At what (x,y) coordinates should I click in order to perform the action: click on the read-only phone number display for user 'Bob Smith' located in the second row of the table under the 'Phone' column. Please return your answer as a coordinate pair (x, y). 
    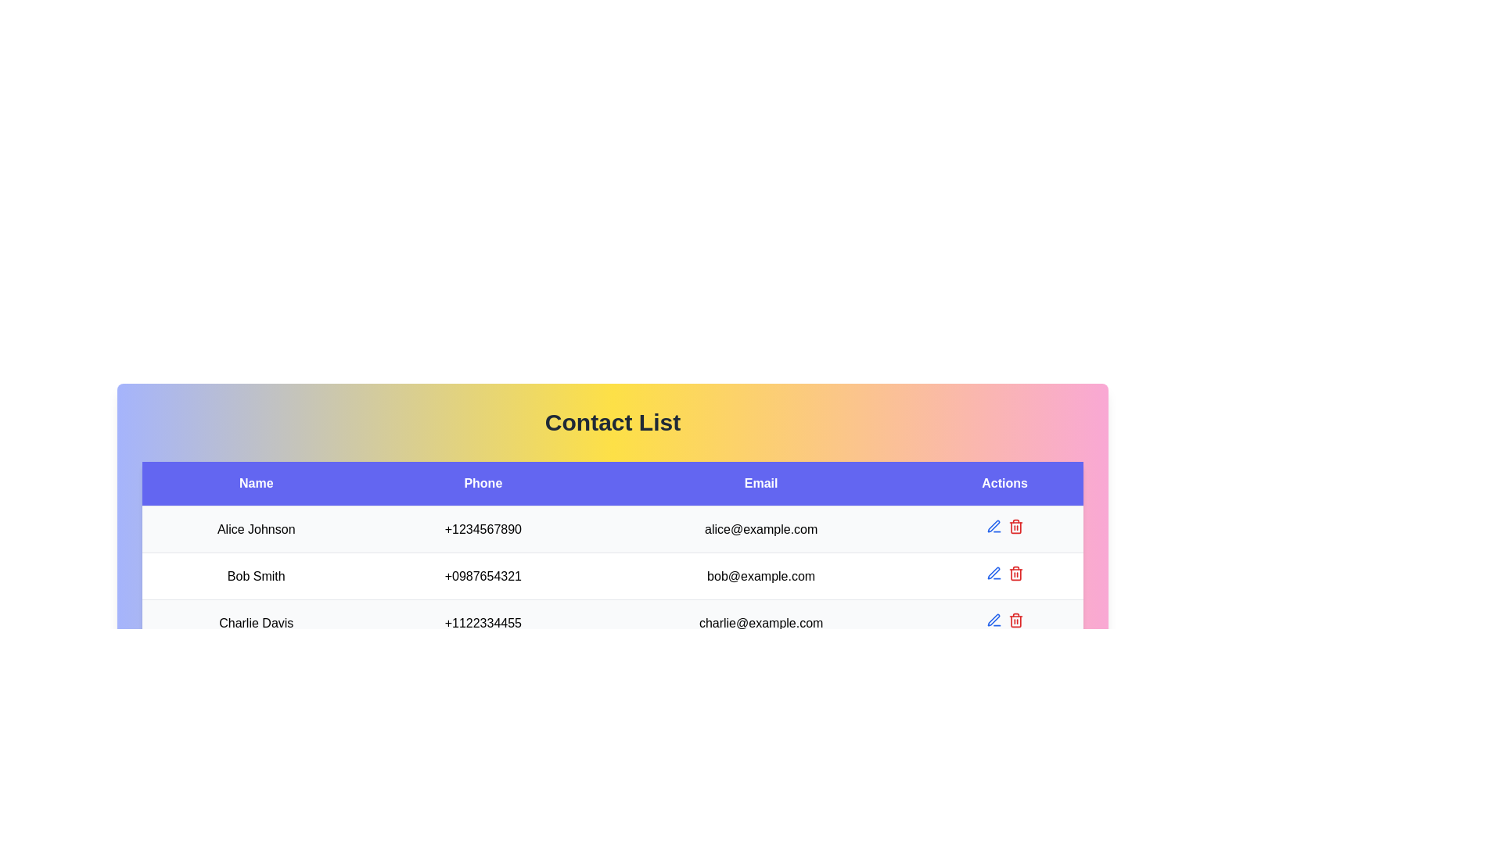
    Looking at the image, I should click on (482, 576).